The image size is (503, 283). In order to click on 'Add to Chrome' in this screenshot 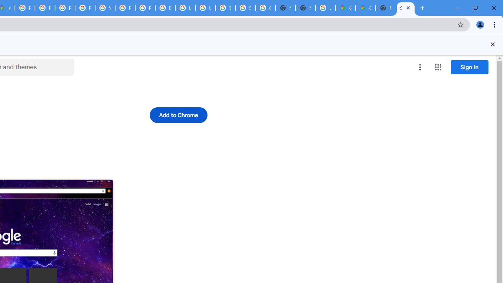, I will do `click(178, 115)`.